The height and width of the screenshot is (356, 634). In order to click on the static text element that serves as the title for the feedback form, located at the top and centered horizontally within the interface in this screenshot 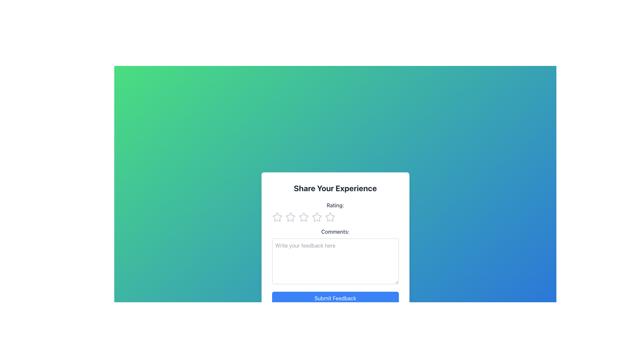, I will do `click(335, 188)`.